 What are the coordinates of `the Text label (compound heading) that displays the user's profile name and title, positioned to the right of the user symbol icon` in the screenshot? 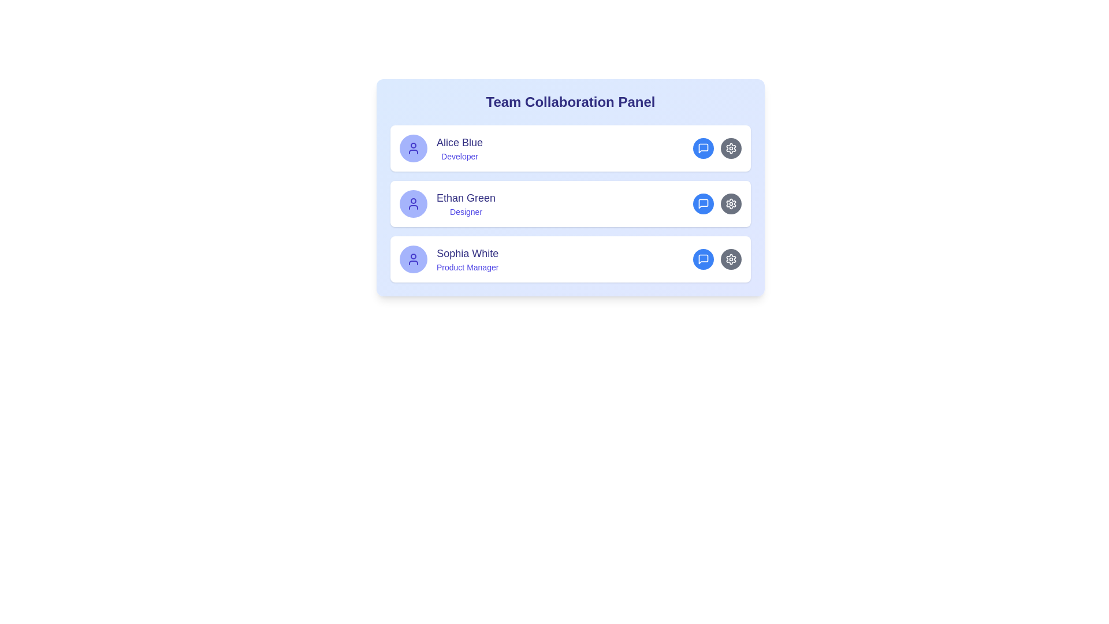 It's located at (459, 148).